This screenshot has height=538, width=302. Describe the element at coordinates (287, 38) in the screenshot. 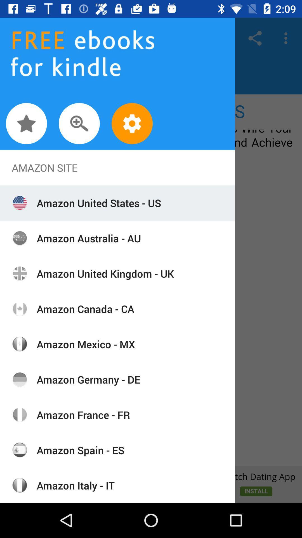

I see `the more icon` at that location.